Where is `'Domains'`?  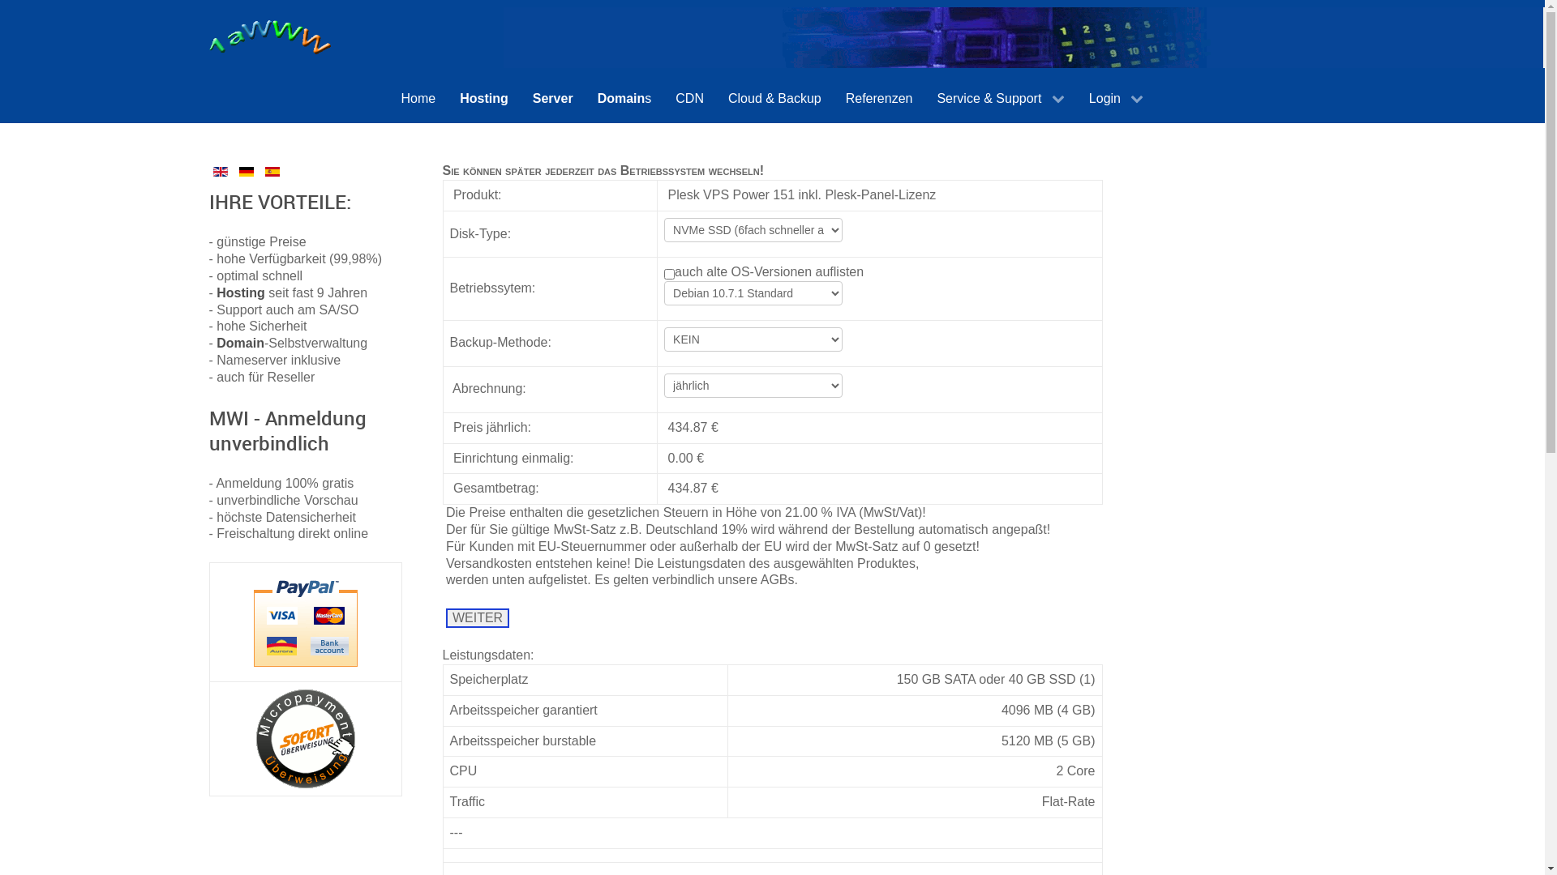
'Domains' is located at coordinates (624, 98).